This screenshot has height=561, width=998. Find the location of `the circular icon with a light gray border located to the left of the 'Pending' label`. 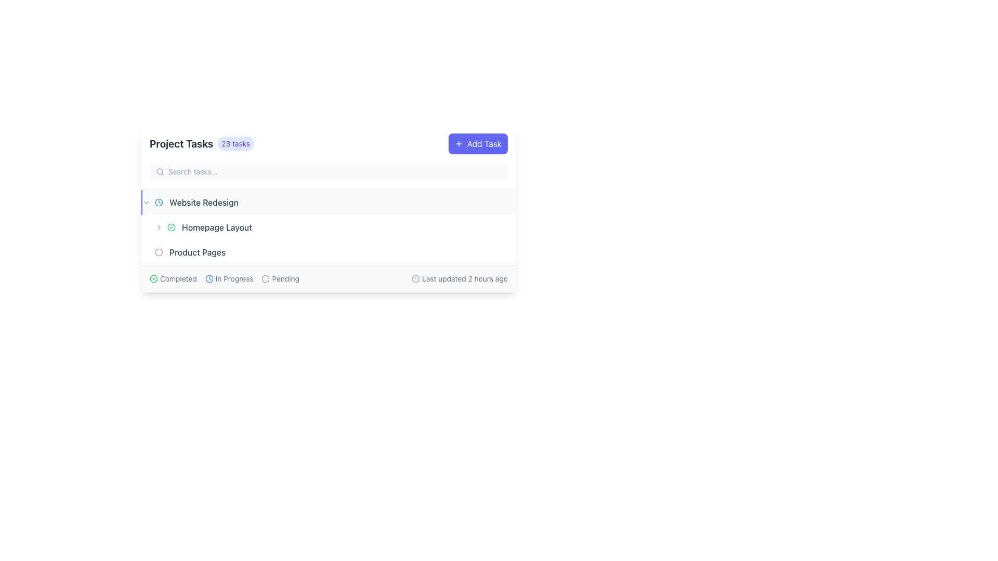

the circular icon with a light gray border located to the left of the 'Pending' label is located at coordinates (266, 278).